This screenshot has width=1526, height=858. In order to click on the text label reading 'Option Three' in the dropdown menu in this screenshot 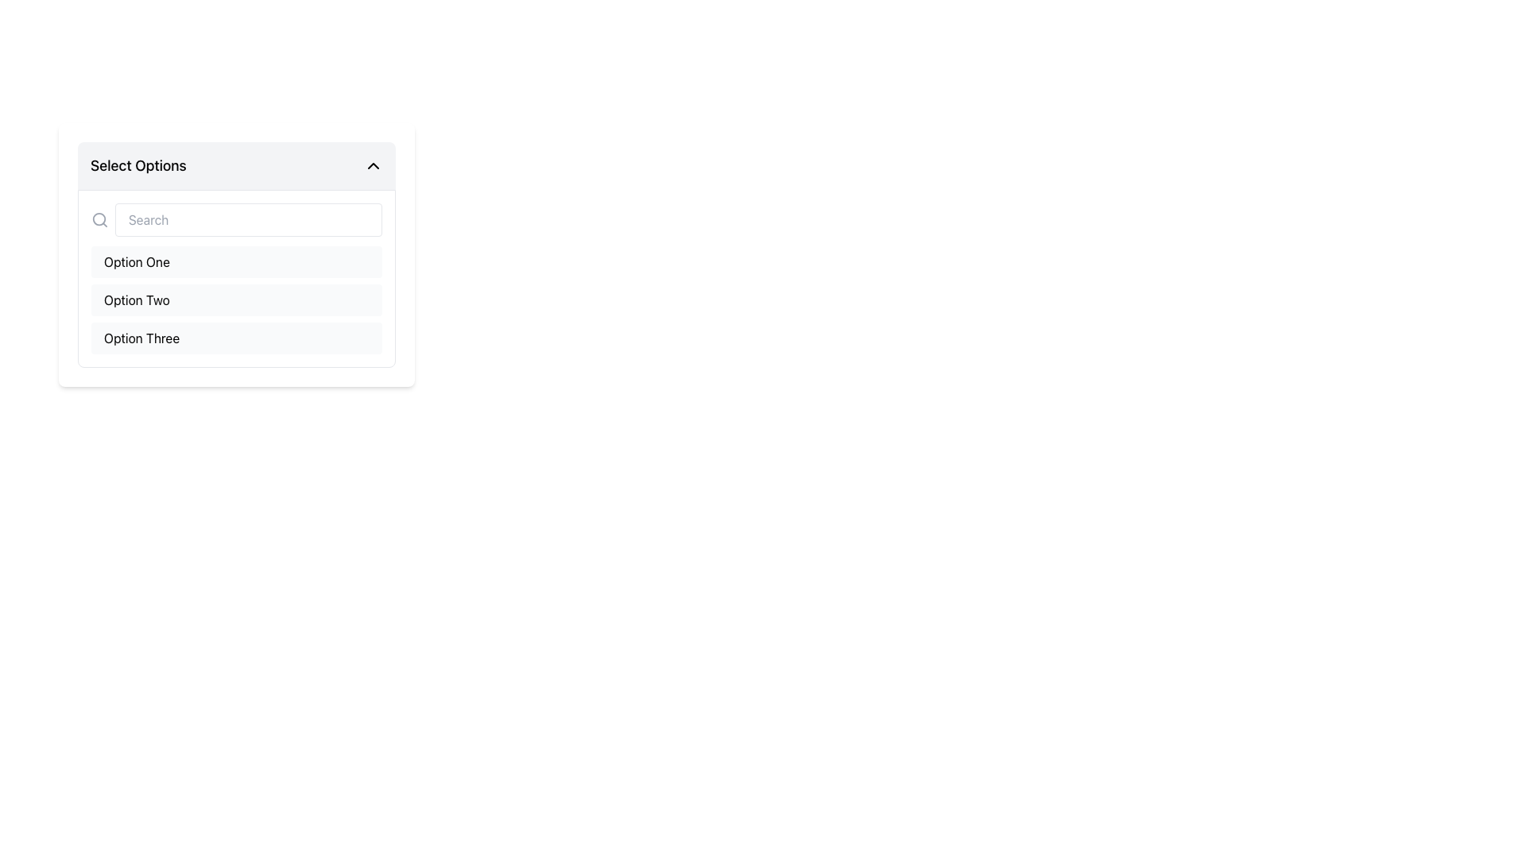, I will do `click(141, 337)`.